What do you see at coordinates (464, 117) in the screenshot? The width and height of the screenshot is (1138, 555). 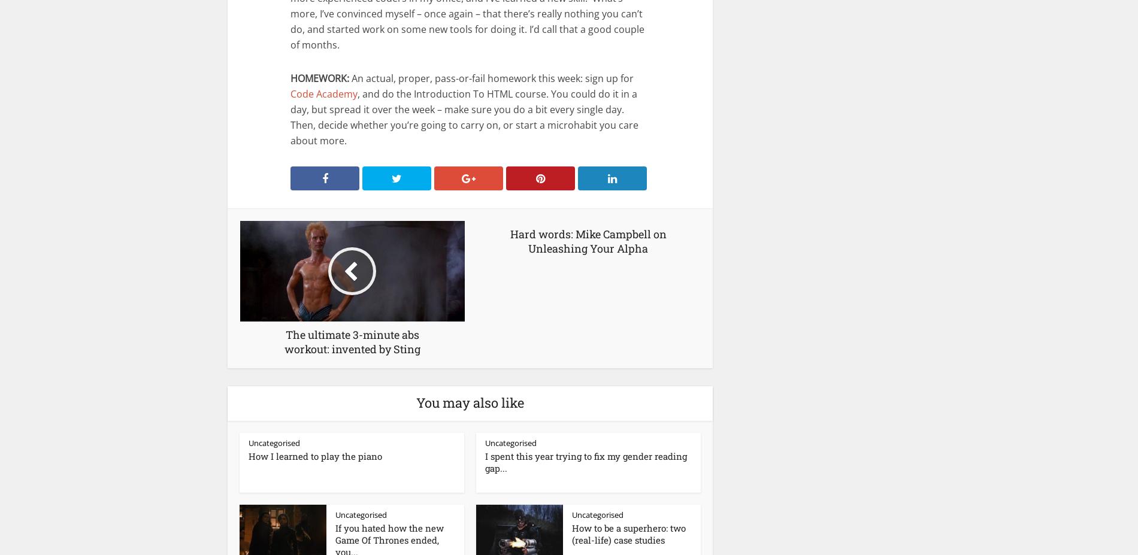 I see `', and do the Introduction To HTML course. You could do it in a day, but spread it over the week – make sure you do a bit every single day. Then, decide whether you’re going to carry on, or start a microhabit you care about more.'` at bounding box center [464, 117].